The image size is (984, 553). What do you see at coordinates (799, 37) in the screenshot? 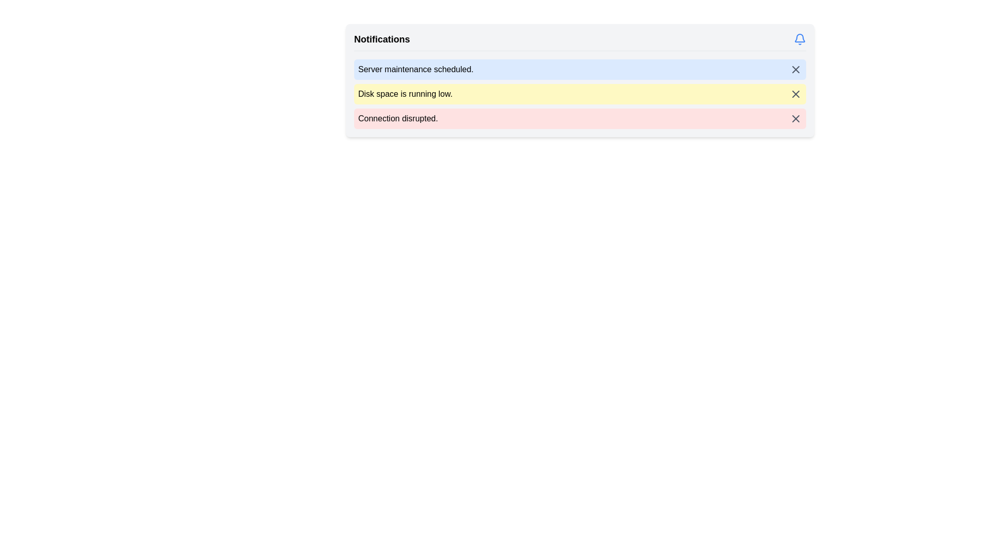
I see `code of the lower curved portion of the bell-shaped notification icon located at the top-right corner of the notifications panel` at bounding box center [799, 37].